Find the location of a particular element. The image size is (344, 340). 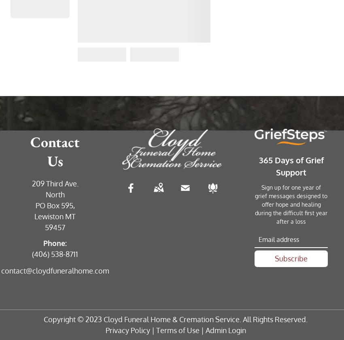

'Terms of Use' is located at coordinates (177, 330).